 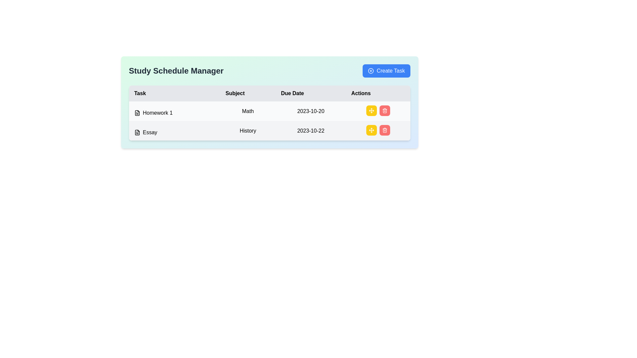 I want to click on the circular icon with a plus sign located to the left of the 'Create Task' text in the top-right corner of the main content area, so click(x=371, y=71).